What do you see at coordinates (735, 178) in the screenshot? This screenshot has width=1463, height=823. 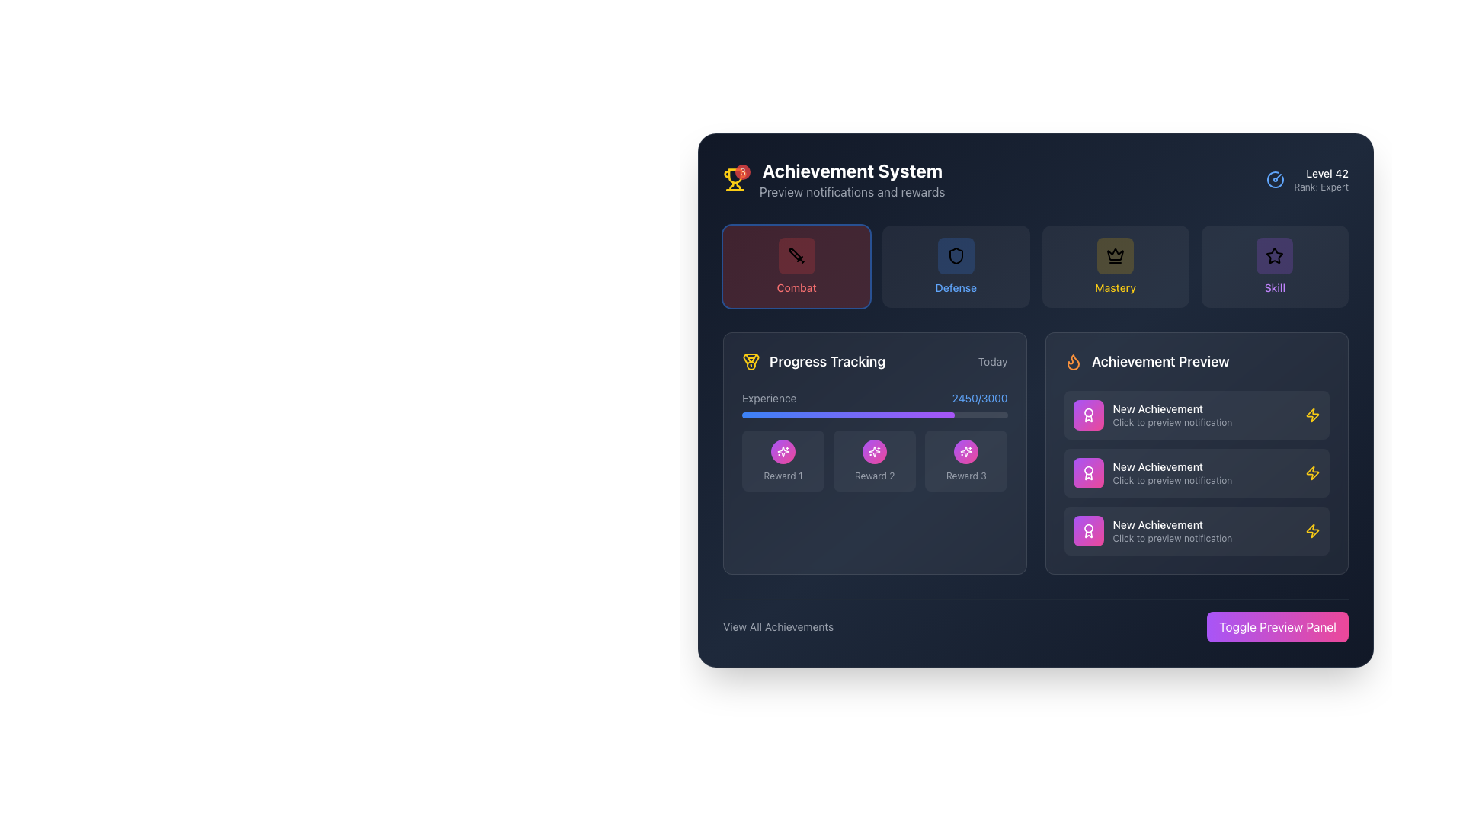 I see `the content of the Notification badge, which is a small red badge with the number '3' located at the top-right of the trophy icon in the Achievement System interface` at bounding box center [735, 178].